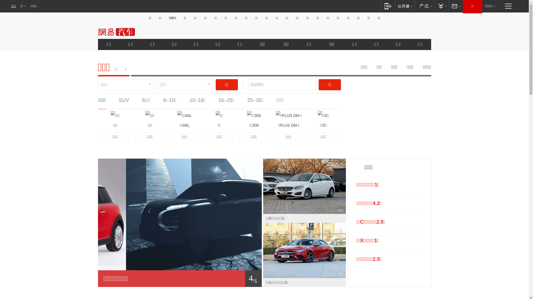 The image size is (533, 300). I want to click on 'SUV', so click(124, 100).